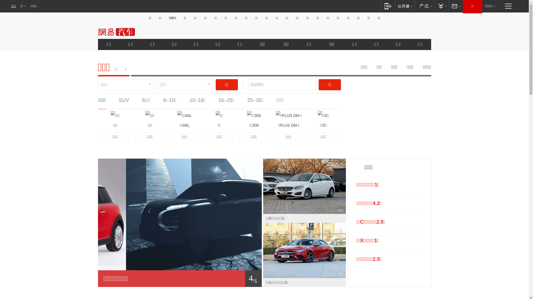 The image size is (533, 300). I want to click on 'SUV', so click(124, 100).